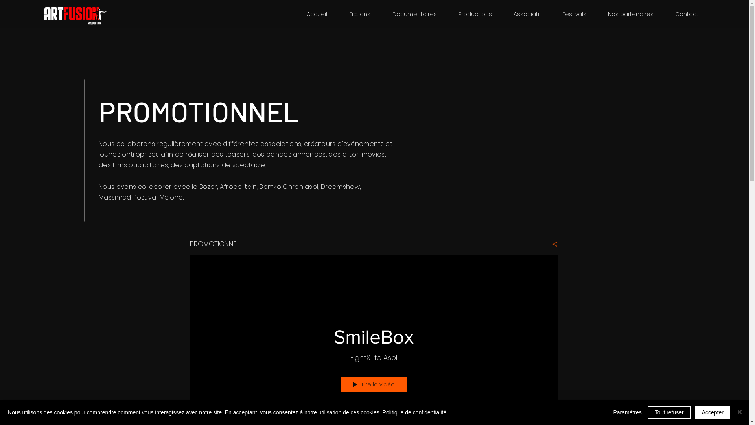 The width and height of the screenshot is (755, 425). I want to click on 'Accueil', so click(317, 14).